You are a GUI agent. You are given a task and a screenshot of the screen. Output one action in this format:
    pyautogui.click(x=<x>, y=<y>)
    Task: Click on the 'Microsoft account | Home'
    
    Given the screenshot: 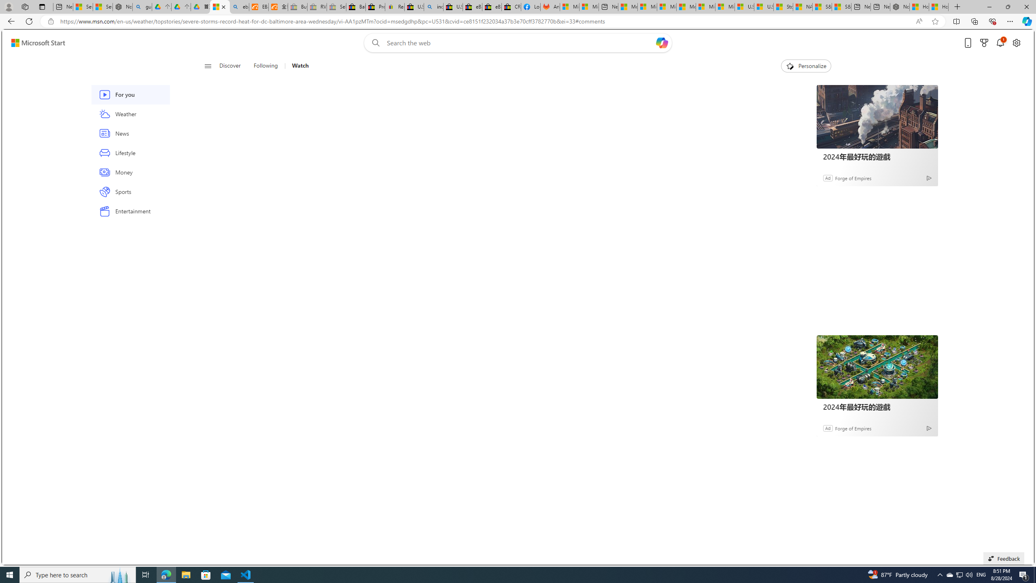 What is the action you would take?
    pyautogui.click(x=666, y=6)
    